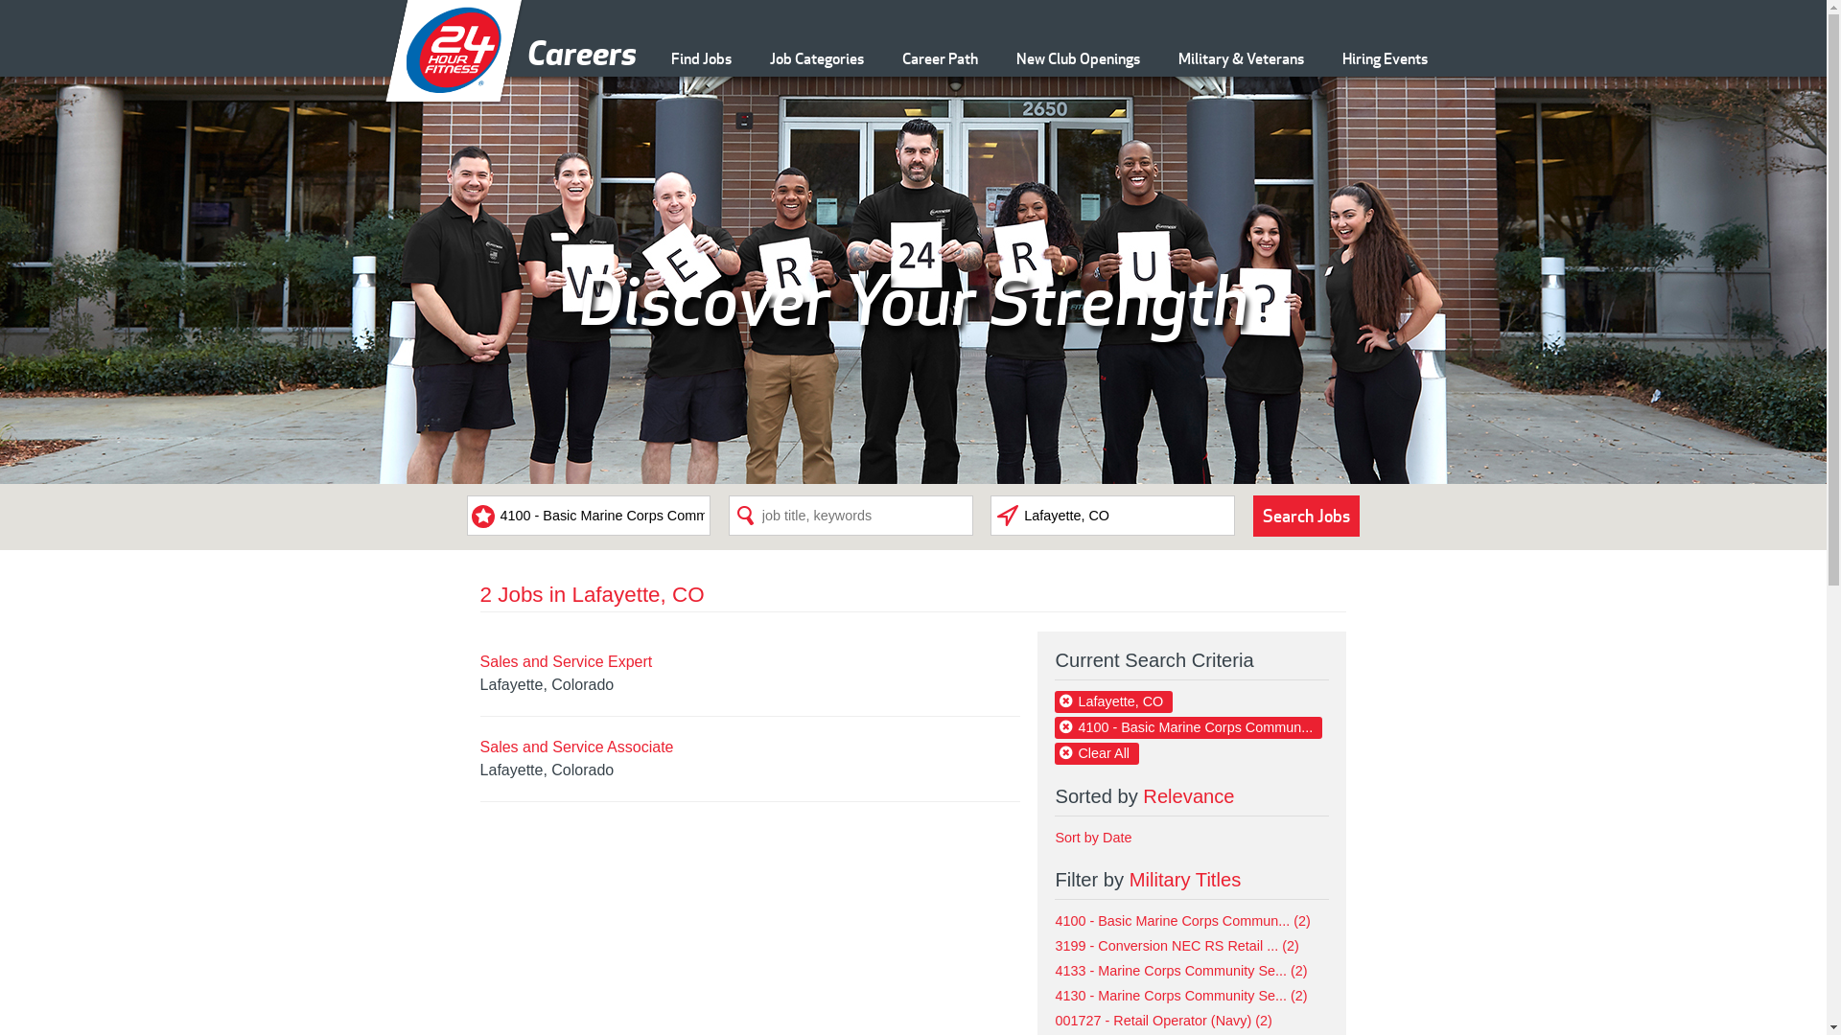 This screenshot has width=1841, height=1035. I want to click on '3199 - Conversion NEC RS Retail ... (2)', so click(1176, 945).